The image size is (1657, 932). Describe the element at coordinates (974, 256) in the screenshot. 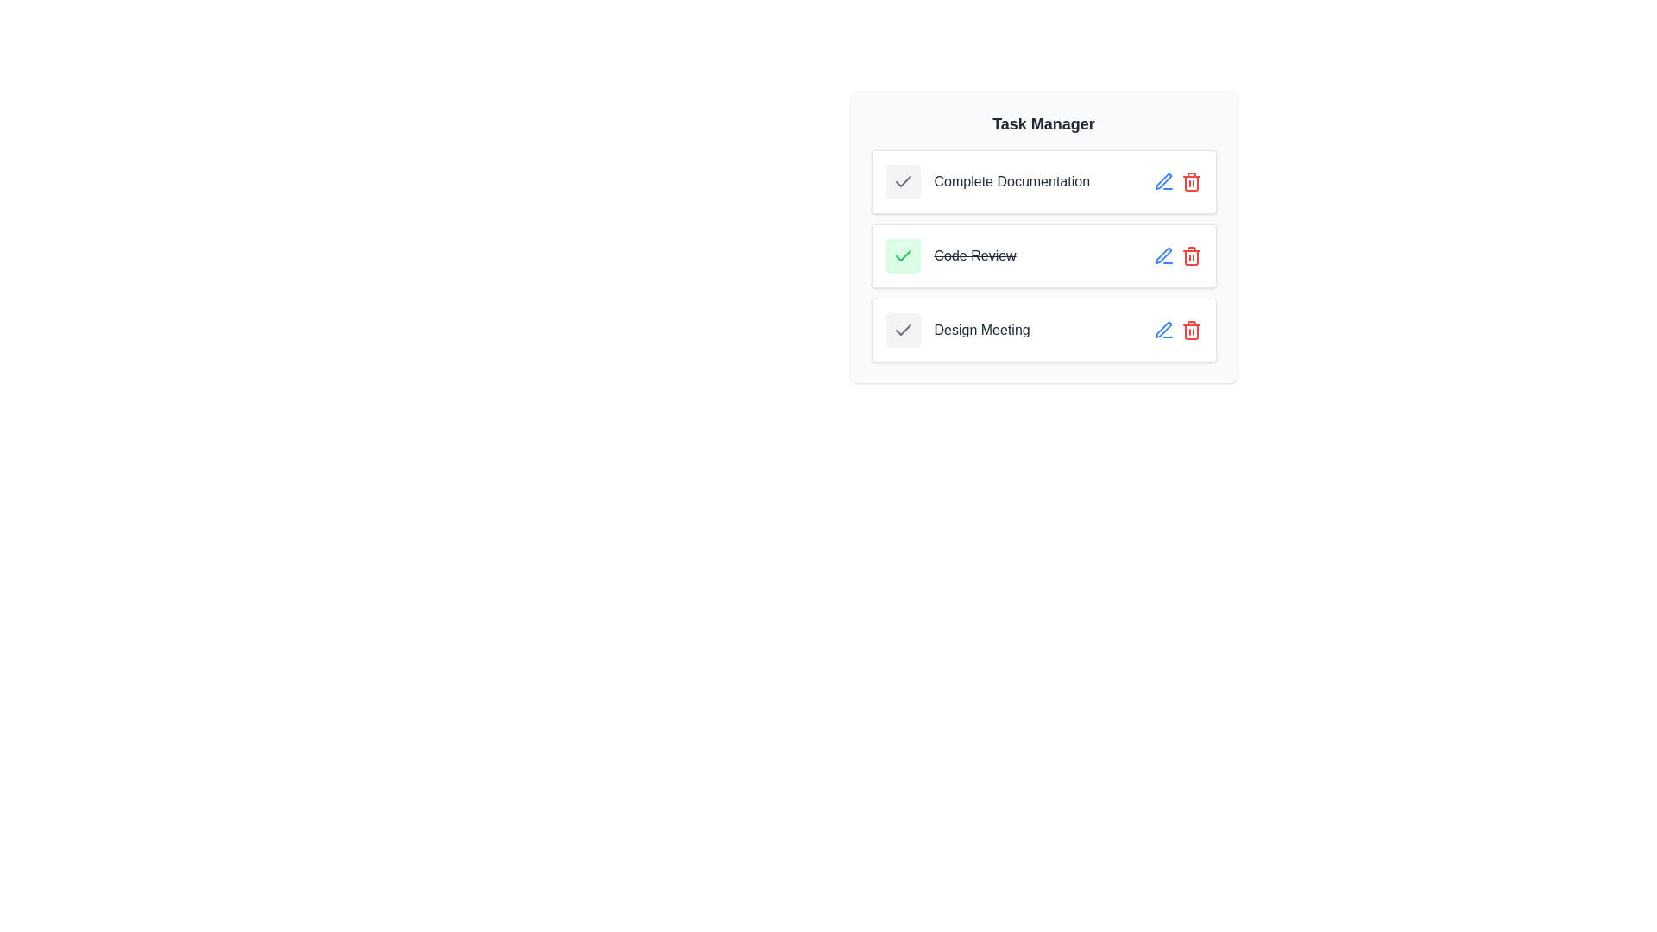

I see `the 'Code Review' text label that is styled with a line-through decoration, indicating a completed state, located between a completion icon and task control icons` at that location.